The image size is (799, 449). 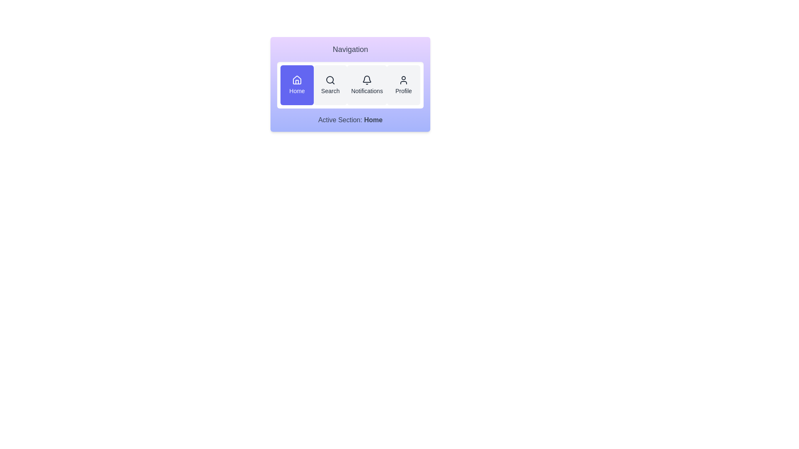 I want to click on the Profile button to activate the corresponding section, so click(x=403, y=85).